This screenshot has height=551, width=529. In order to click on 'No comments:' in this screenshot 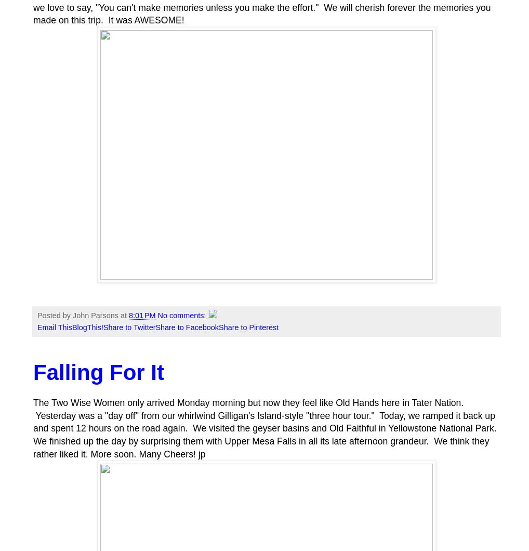, I will do `click(157, 315)`.